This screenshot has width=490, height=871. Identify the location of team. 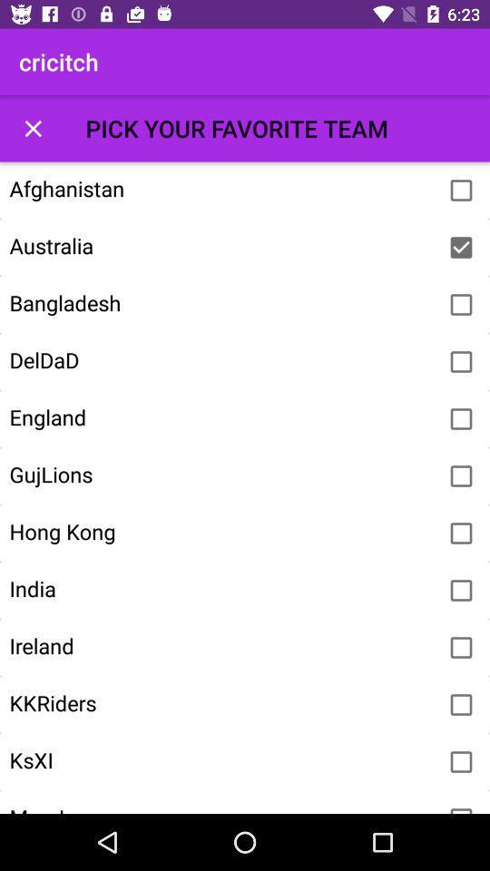
(461, 533).